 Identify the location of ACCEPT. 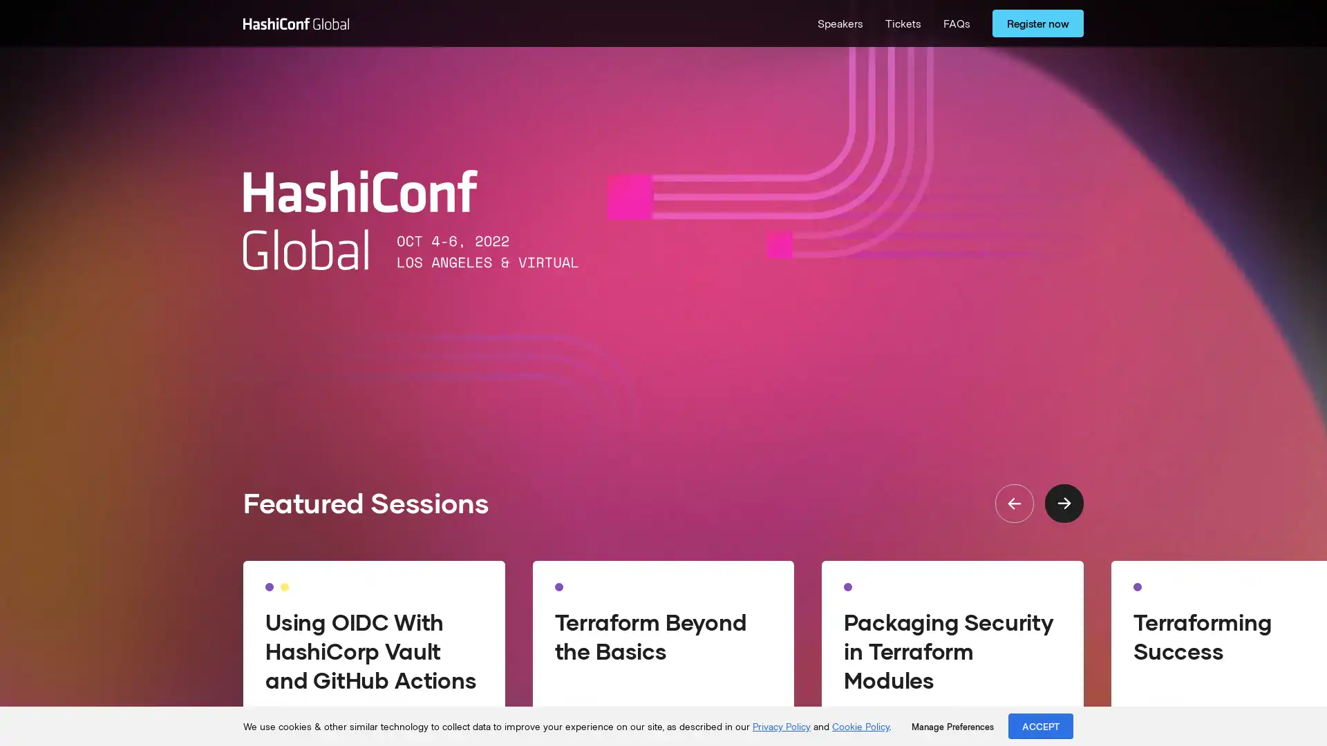
(1041, 725).